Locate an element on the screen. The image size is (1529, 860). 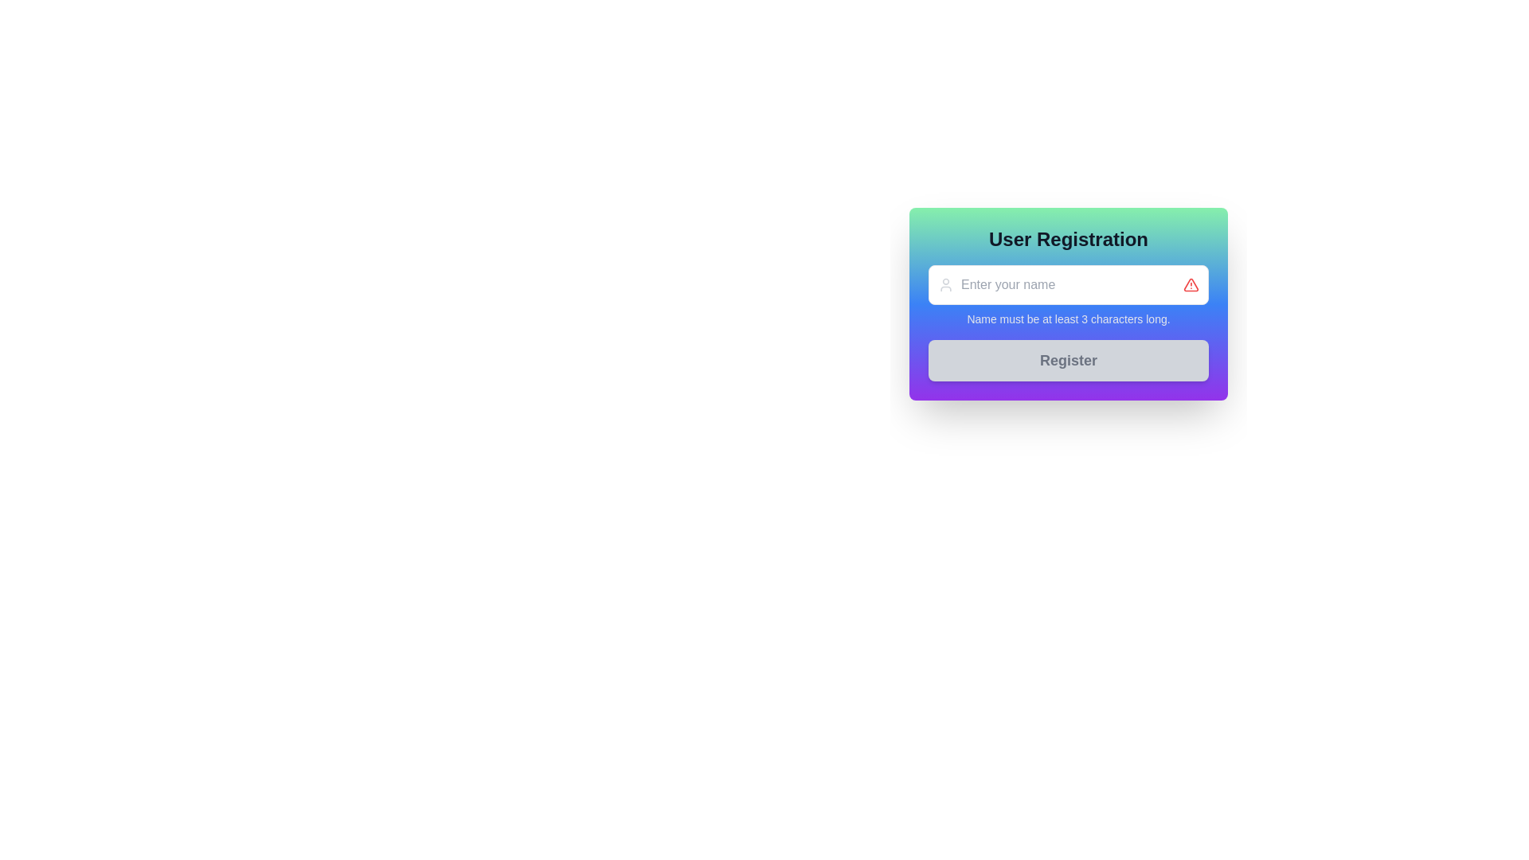
the icon located to the left of the input field for entering user-related information, which is visually aligned to the vertical center of the field is located at coordinates (946, 284).